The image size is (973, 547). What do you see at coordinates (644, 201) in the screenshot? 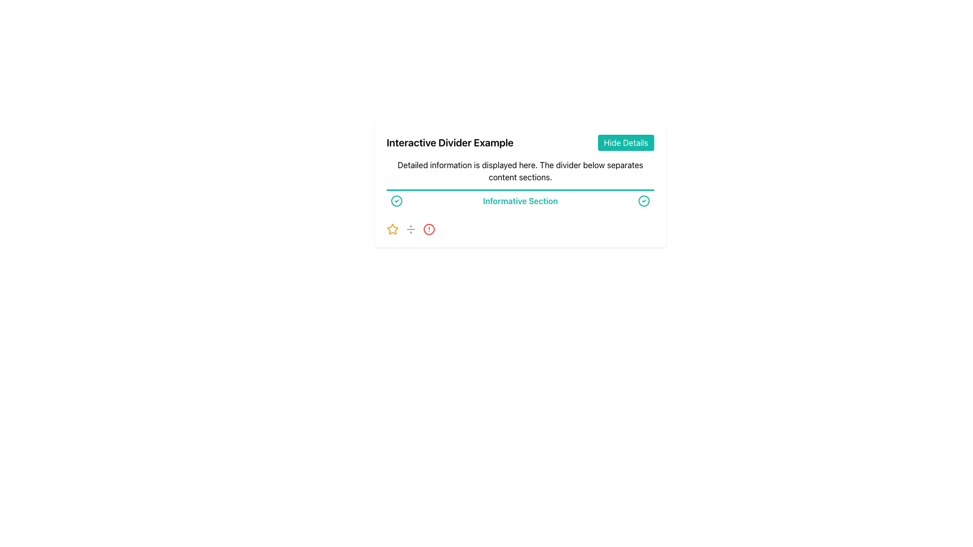
I see `teal circle element within the SVG graphic, which is part of the icon near the 'Informative Section' text, using developer tools` at bounding box center [644, 201].